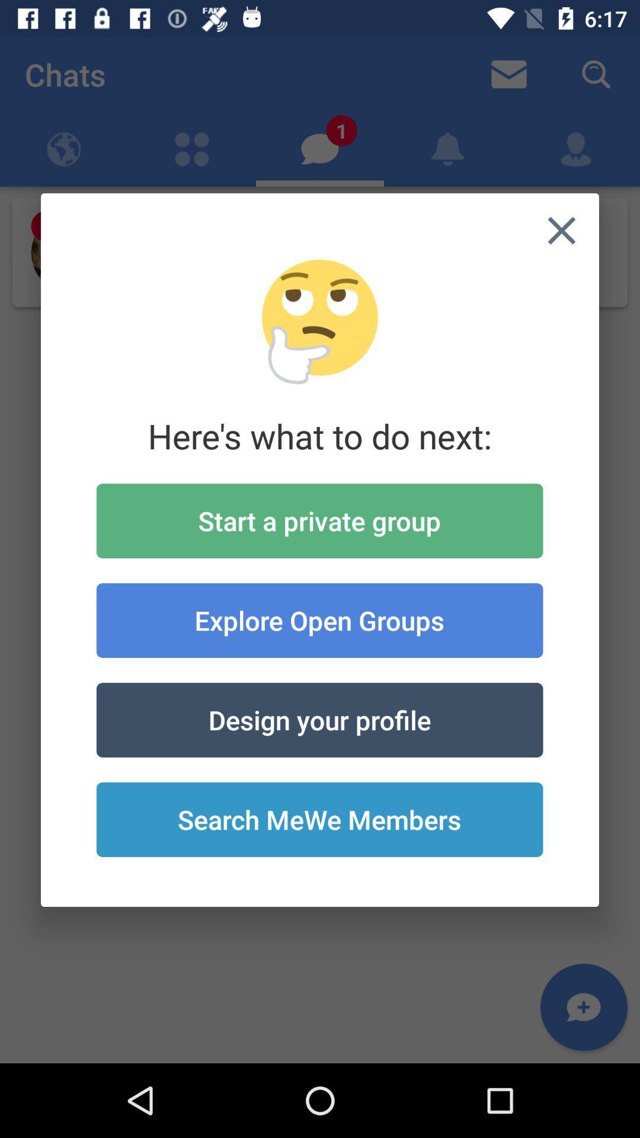 The width and height of the screenshot is (640, 1138). Describe the element at coordinates (319, 520) in the screenshot. I see `start a private item` at that location.